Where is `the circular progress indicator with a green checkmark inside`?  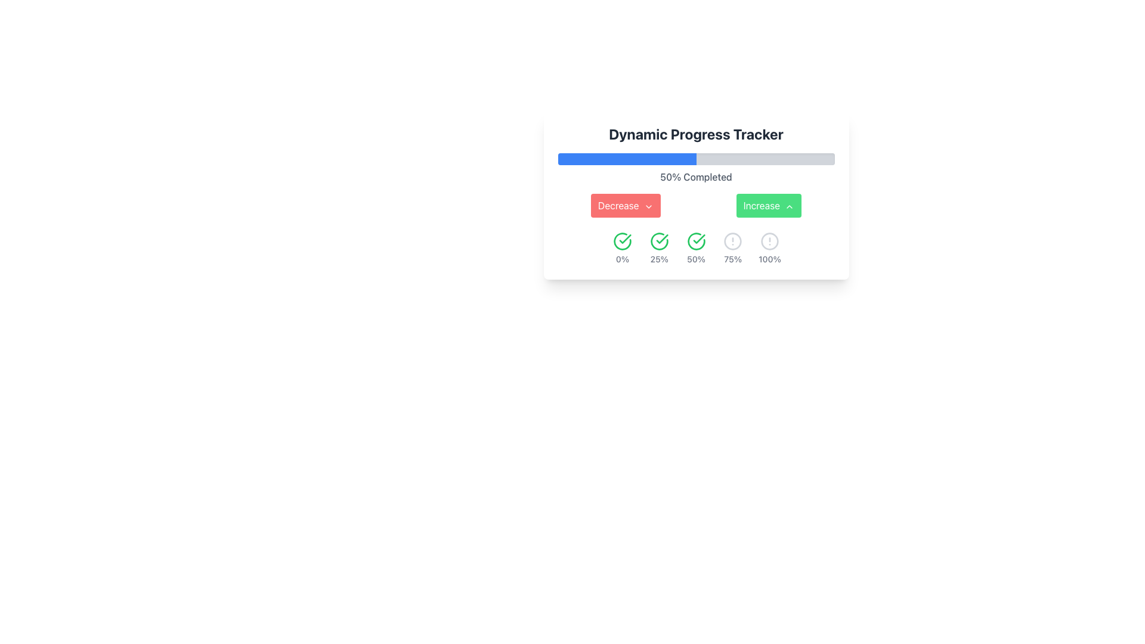 the circular progress indicator with a green checkmark inside is located at coordinates (621, 247).